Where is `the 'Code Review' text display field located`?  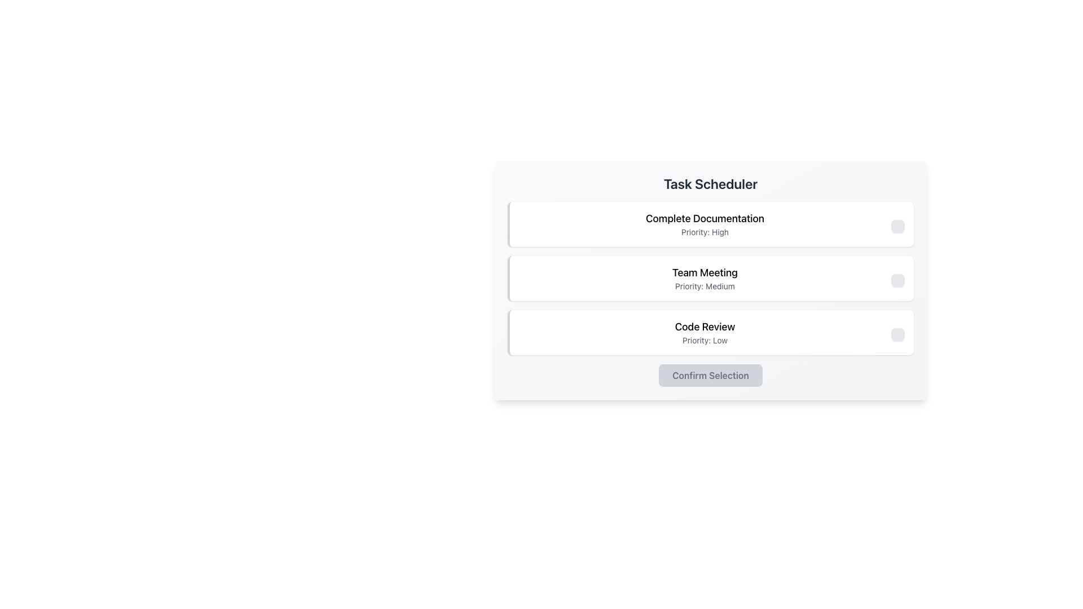
the 'Code Review' text display field located is located at coordinates (704, 332).